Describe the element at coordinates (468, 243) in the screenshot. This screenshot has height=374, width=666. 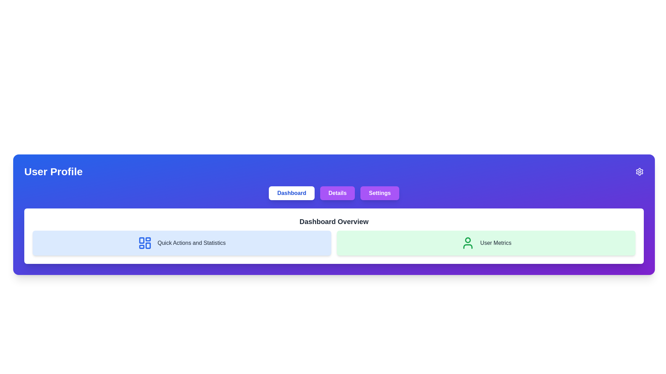
I see `the user-related information icon located in the center-left section of the green 'User Metrics' card, adjacent to the 'Dashboard Overview' row` at that location.